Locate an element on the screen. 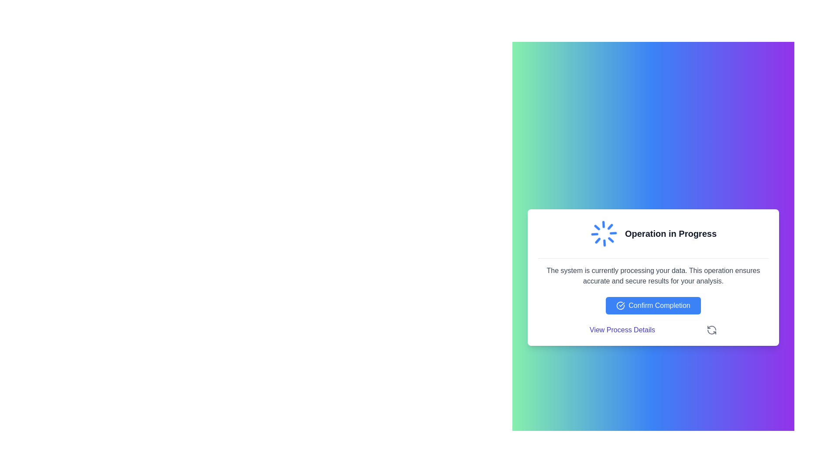 This screenshot has height=471, width=838. the bottom-right segment of the blue circular loader animation located near the center of the modal is located at coordinates (608, 225).